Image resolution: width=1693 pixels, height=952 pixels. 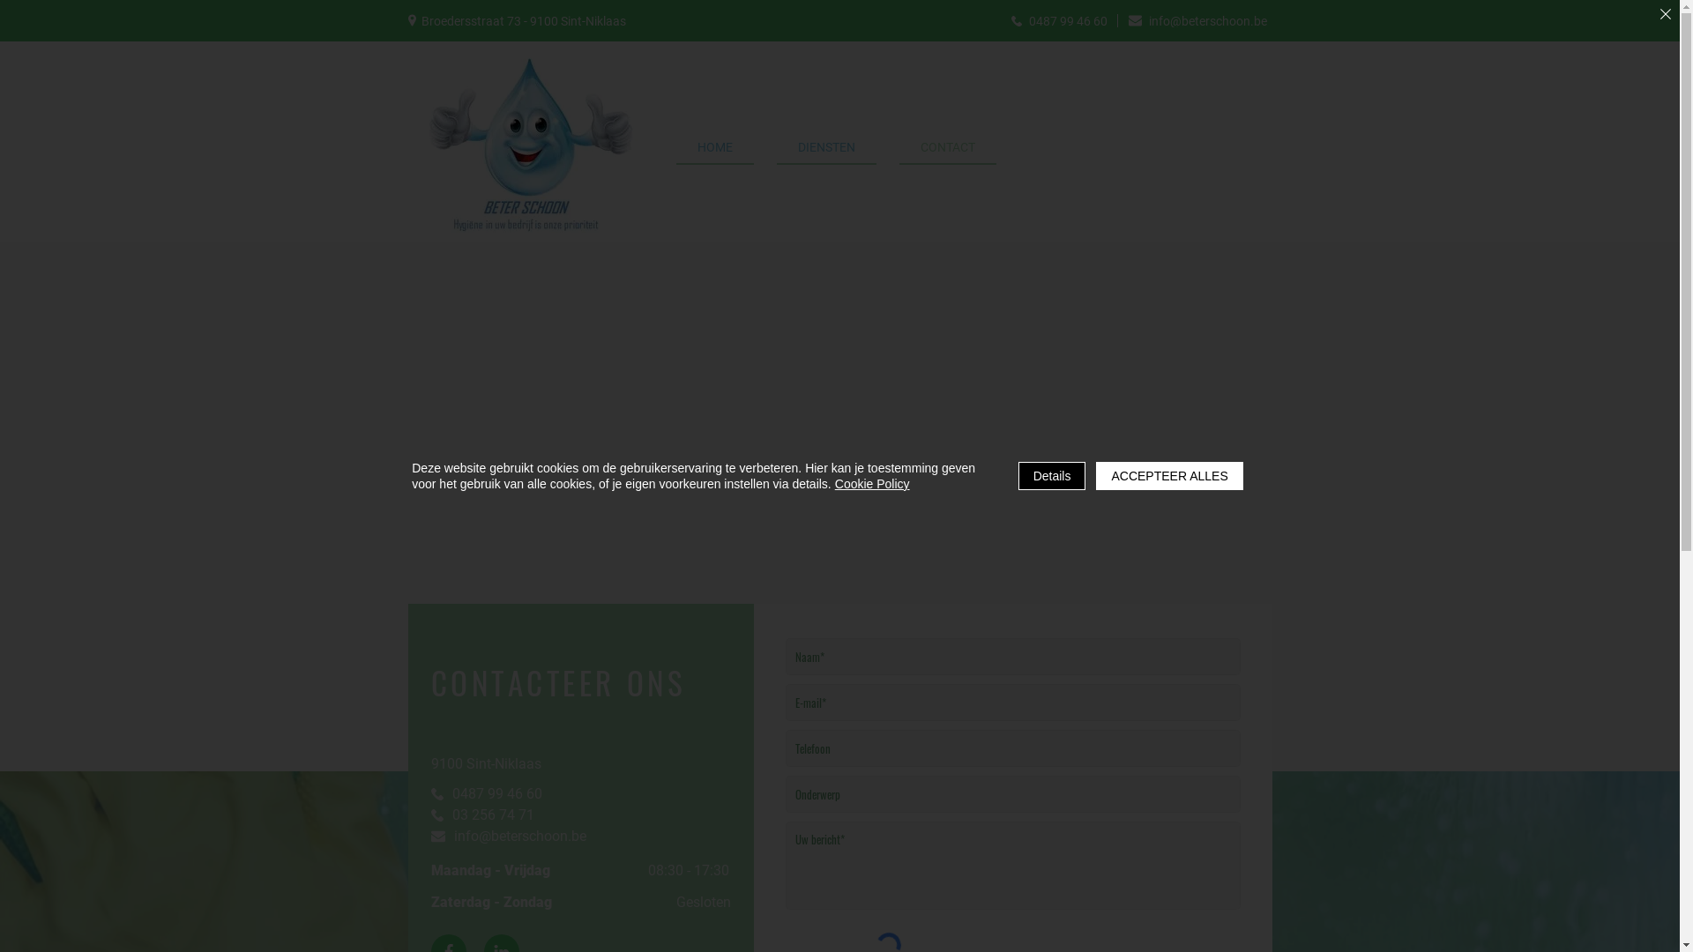 I want to click on '03 256 74 71', so click(x=514, y=814).